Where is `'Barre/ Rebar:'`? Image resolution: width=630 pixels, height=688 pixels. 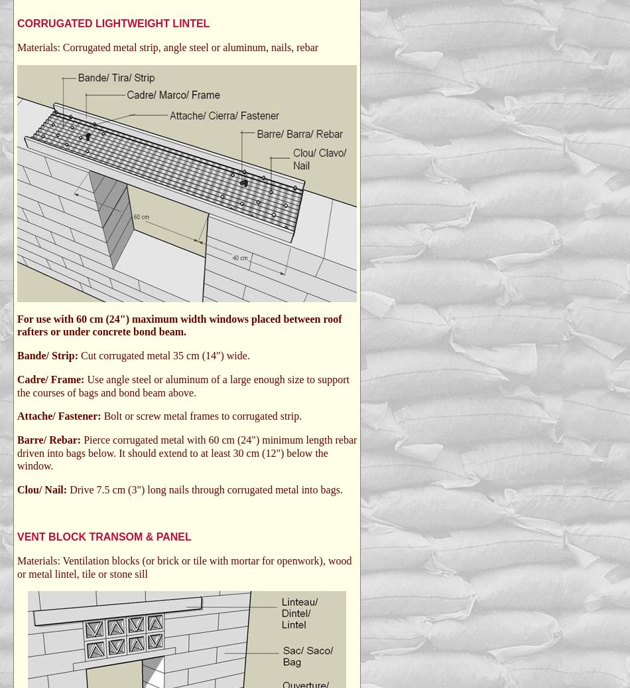 'Barre/ Rebar:' is located at coordinates (17, 439).